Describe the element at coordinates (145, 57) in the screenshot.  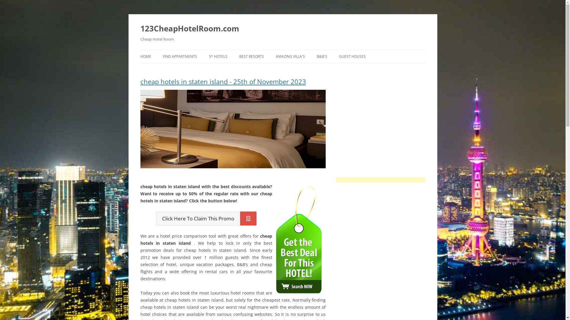
I see `'HOME'` at that location.